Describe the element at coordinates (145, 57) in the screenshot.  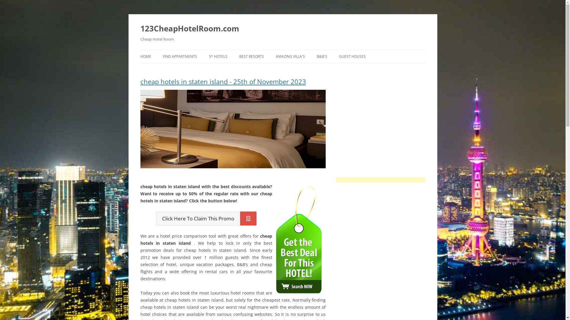
I see `'HOME'` at that location.